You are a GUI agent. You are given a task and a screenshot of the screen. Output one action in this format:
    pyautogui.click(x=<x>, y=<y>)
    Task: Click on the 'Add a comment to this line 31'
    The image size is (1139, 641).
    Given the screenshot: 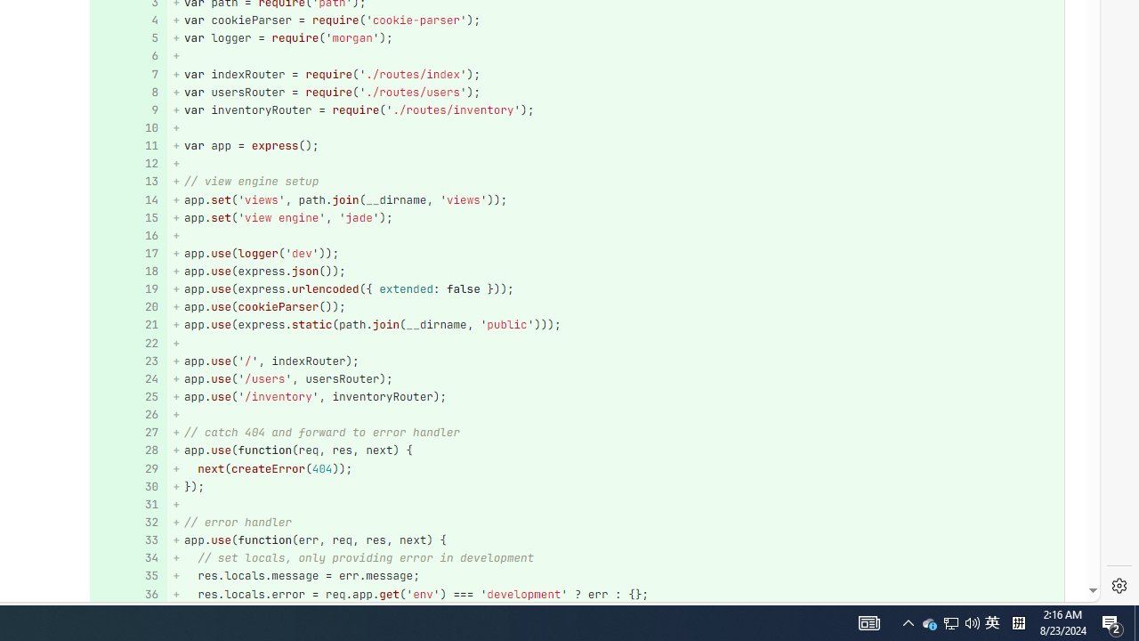 What is the action you would take?
    pyautogui.click(x=127, y=505)
    